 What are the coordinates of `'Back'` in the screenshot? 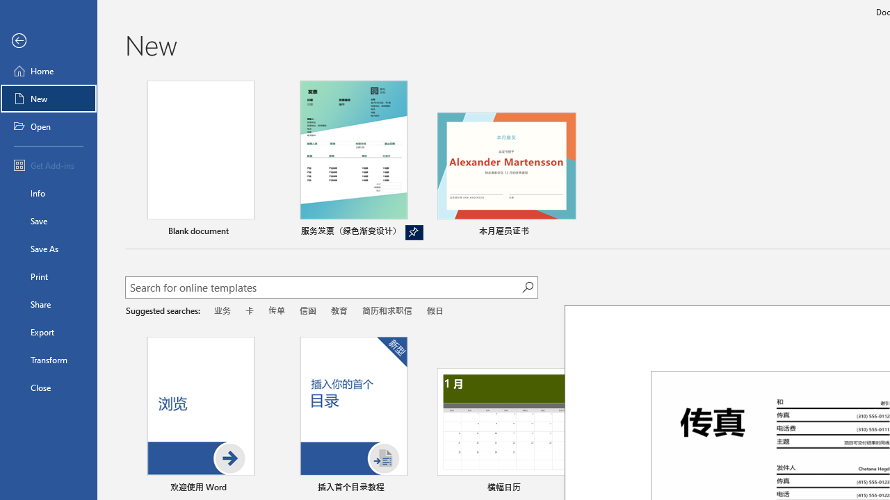 It's located at (48, 40).